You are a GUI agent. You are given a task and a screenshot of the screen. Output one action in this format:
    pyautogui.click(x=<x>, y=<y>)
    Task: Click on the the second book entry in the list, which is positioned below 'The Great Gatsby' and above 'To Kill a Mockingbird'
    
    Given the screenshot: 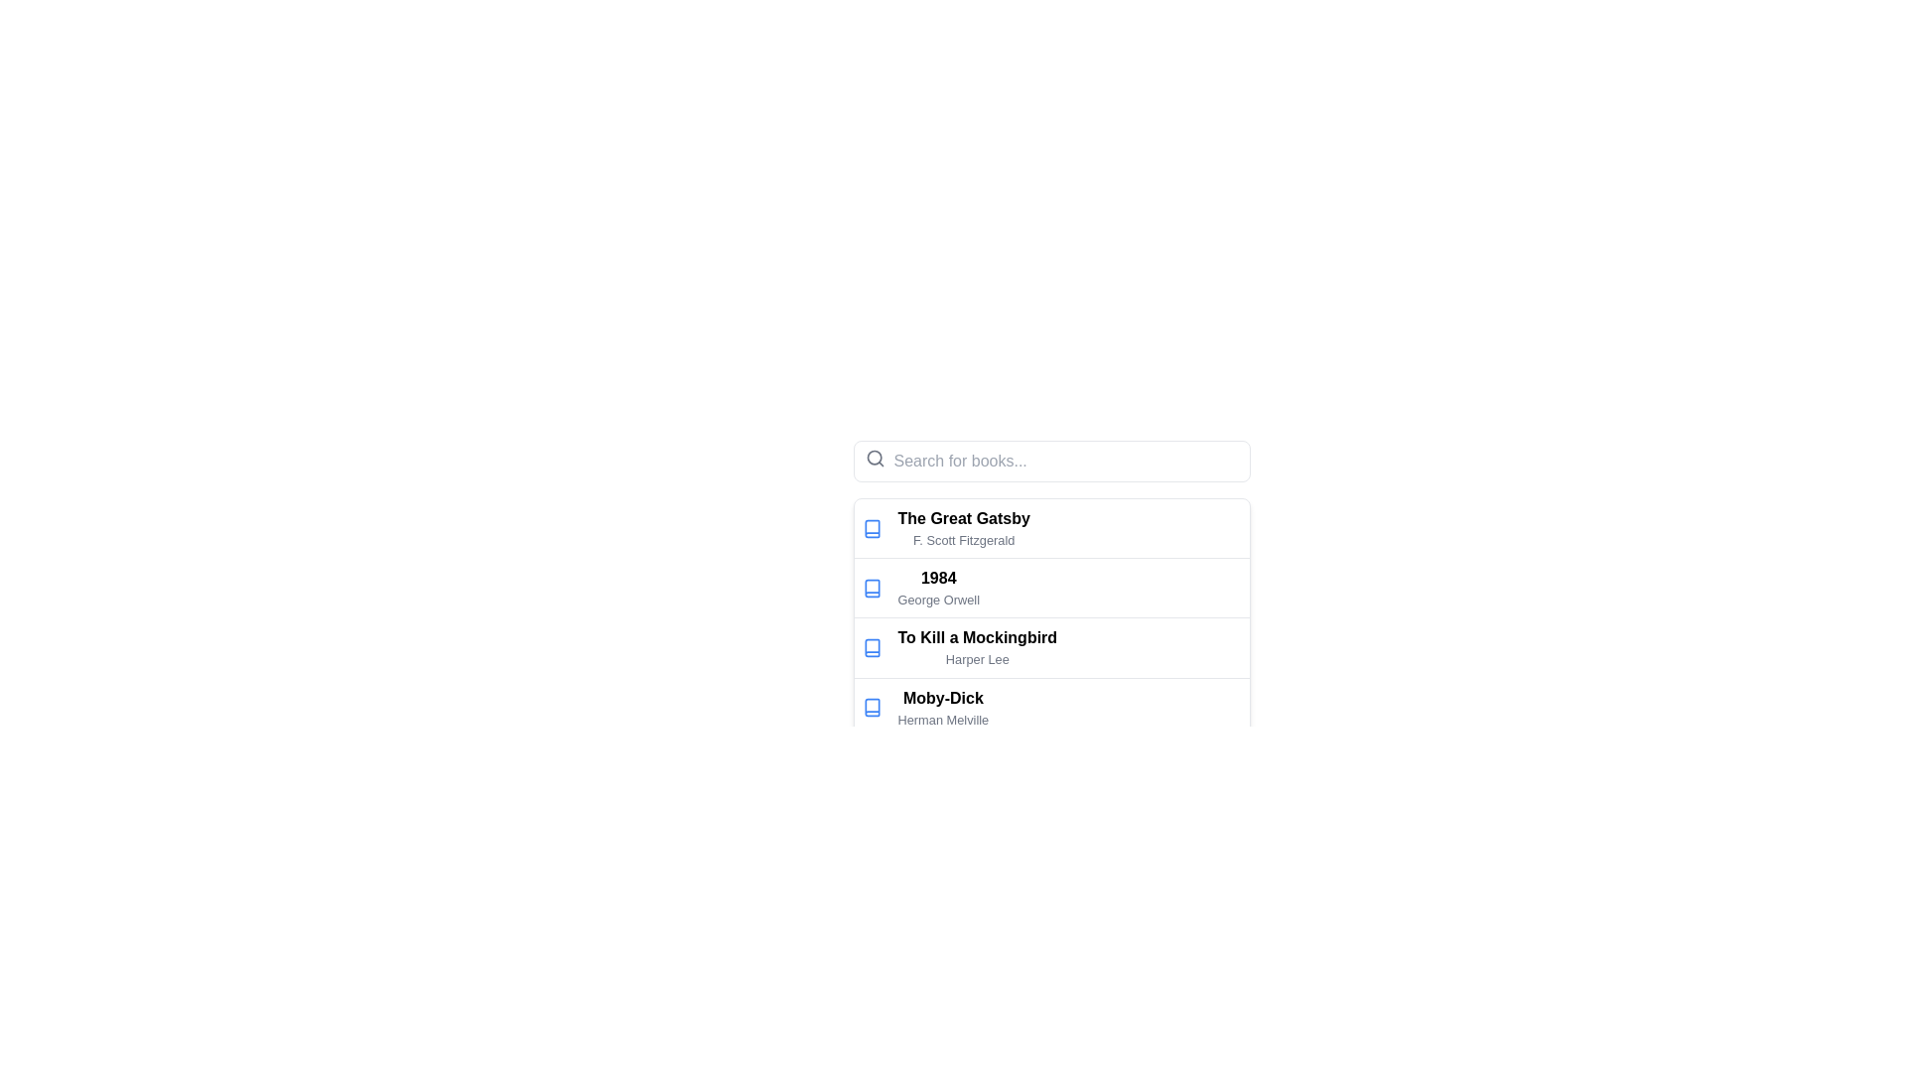 What is the action you would take?
    pyautogui.click(x=1050, y=587)
    